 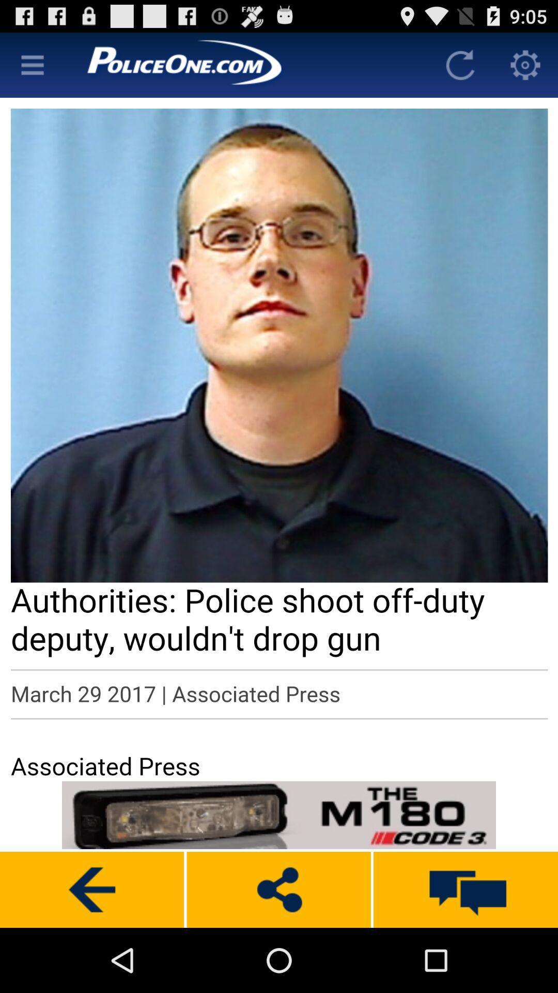 What do you see at coordinates (525, 64) in the screenshot?
I see `settings` at bounding box center [525, 64].